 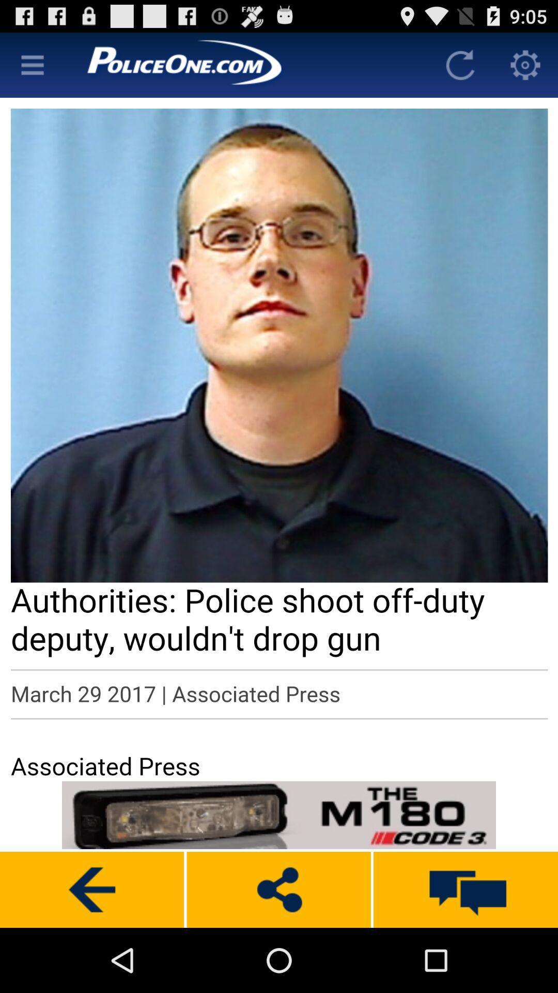 What do you see at coordinates (525, 64) in the screenshot?
I see `settings` at bounding box center [525, 64].